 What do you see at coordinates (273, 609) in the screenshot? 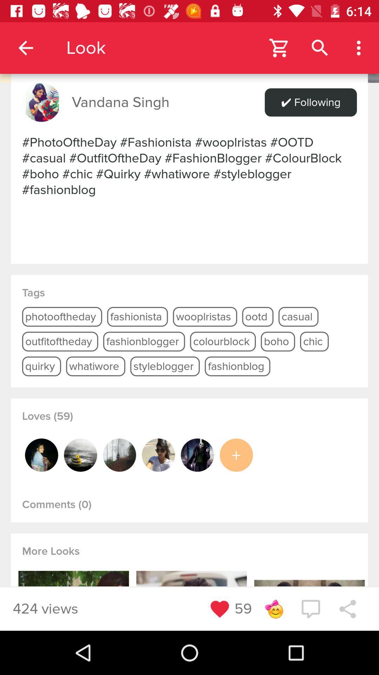
I see `the item next to the 59 icon` at bounding box center [273, 609].